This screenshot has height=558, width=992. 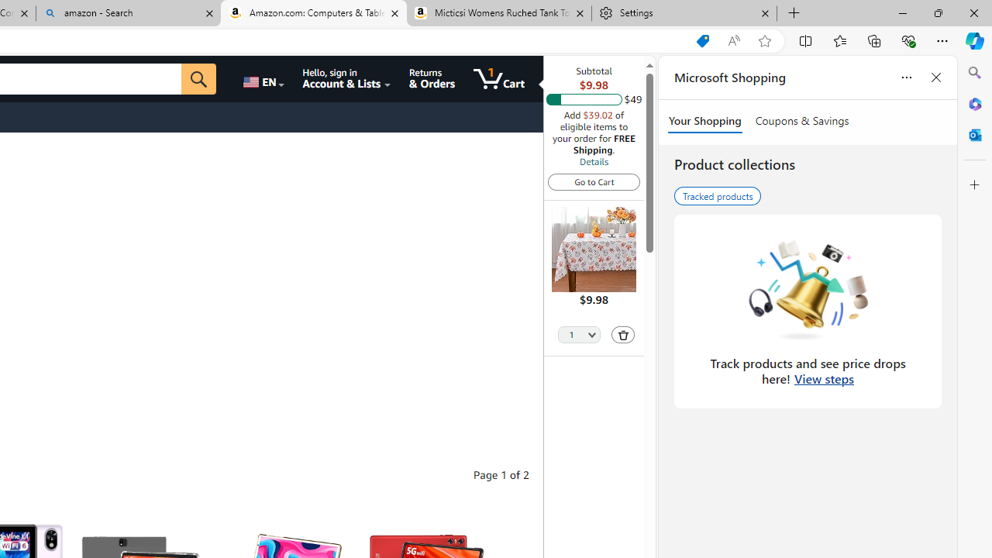 What do you see at coordinates (578, 332) in the screenshot?
I see `'Quantity Selector'` at bounding box center [578, 332].